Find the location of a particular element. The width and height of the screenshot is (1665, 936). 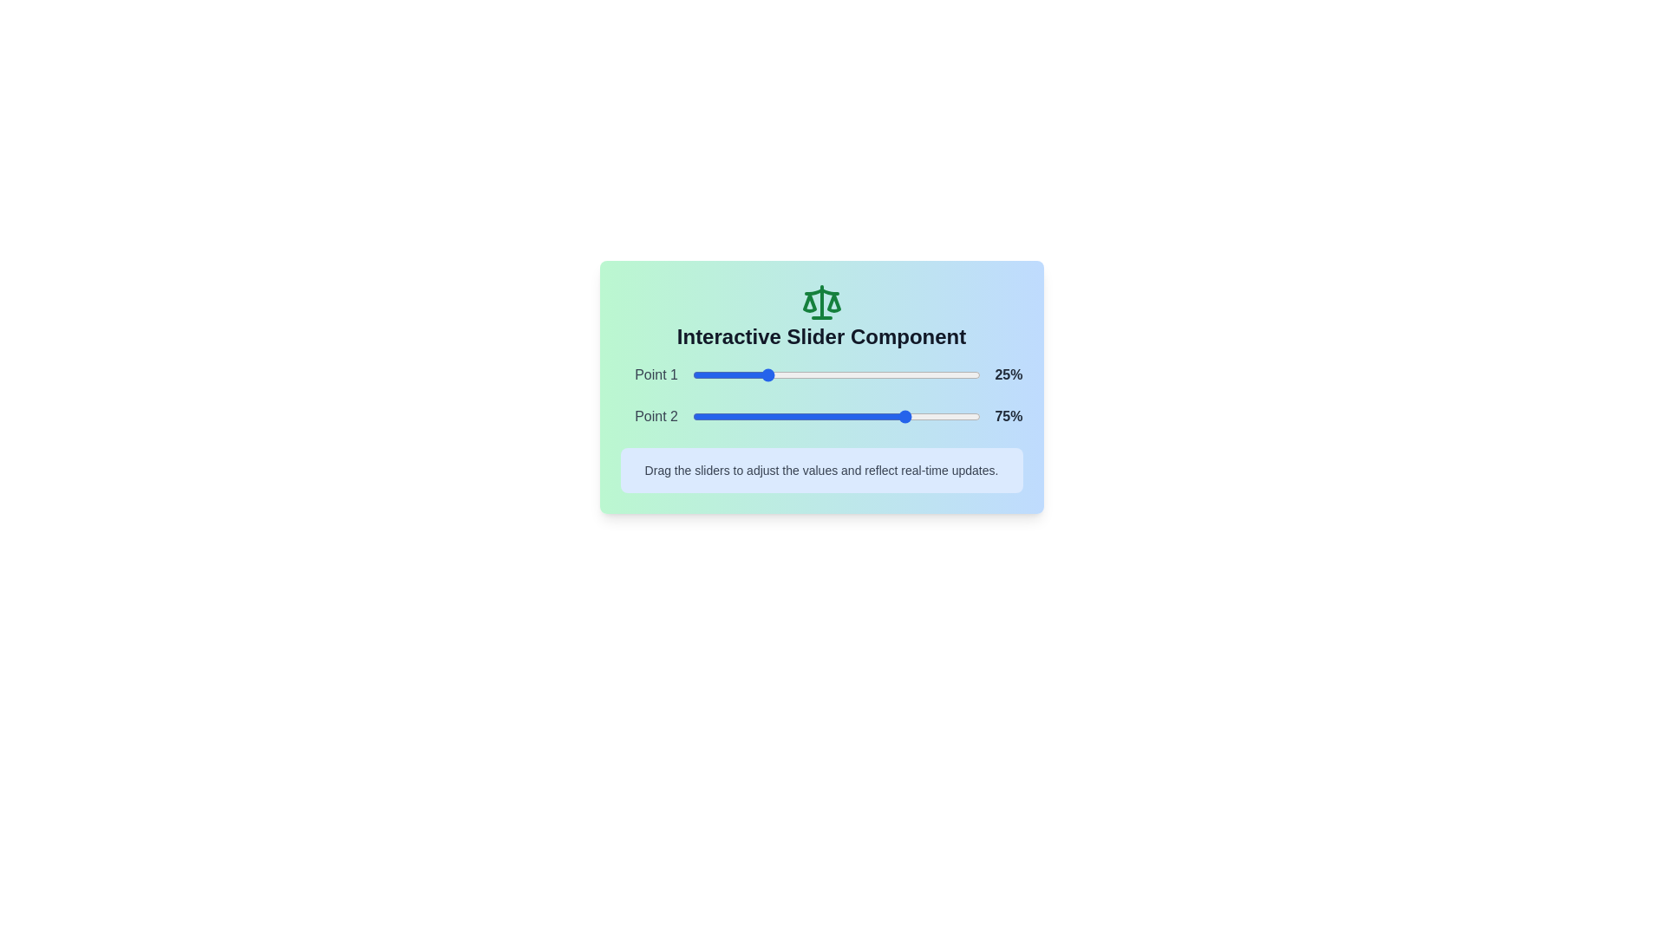

the slider handle to set the value to 27% for slider 1 is located at coordinates (769, 374).